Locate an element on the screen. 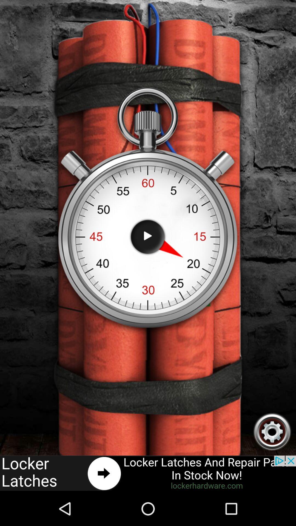 The width and height of the screenshot is (296, 526). the settings icon is located at coordinates (272, 462).